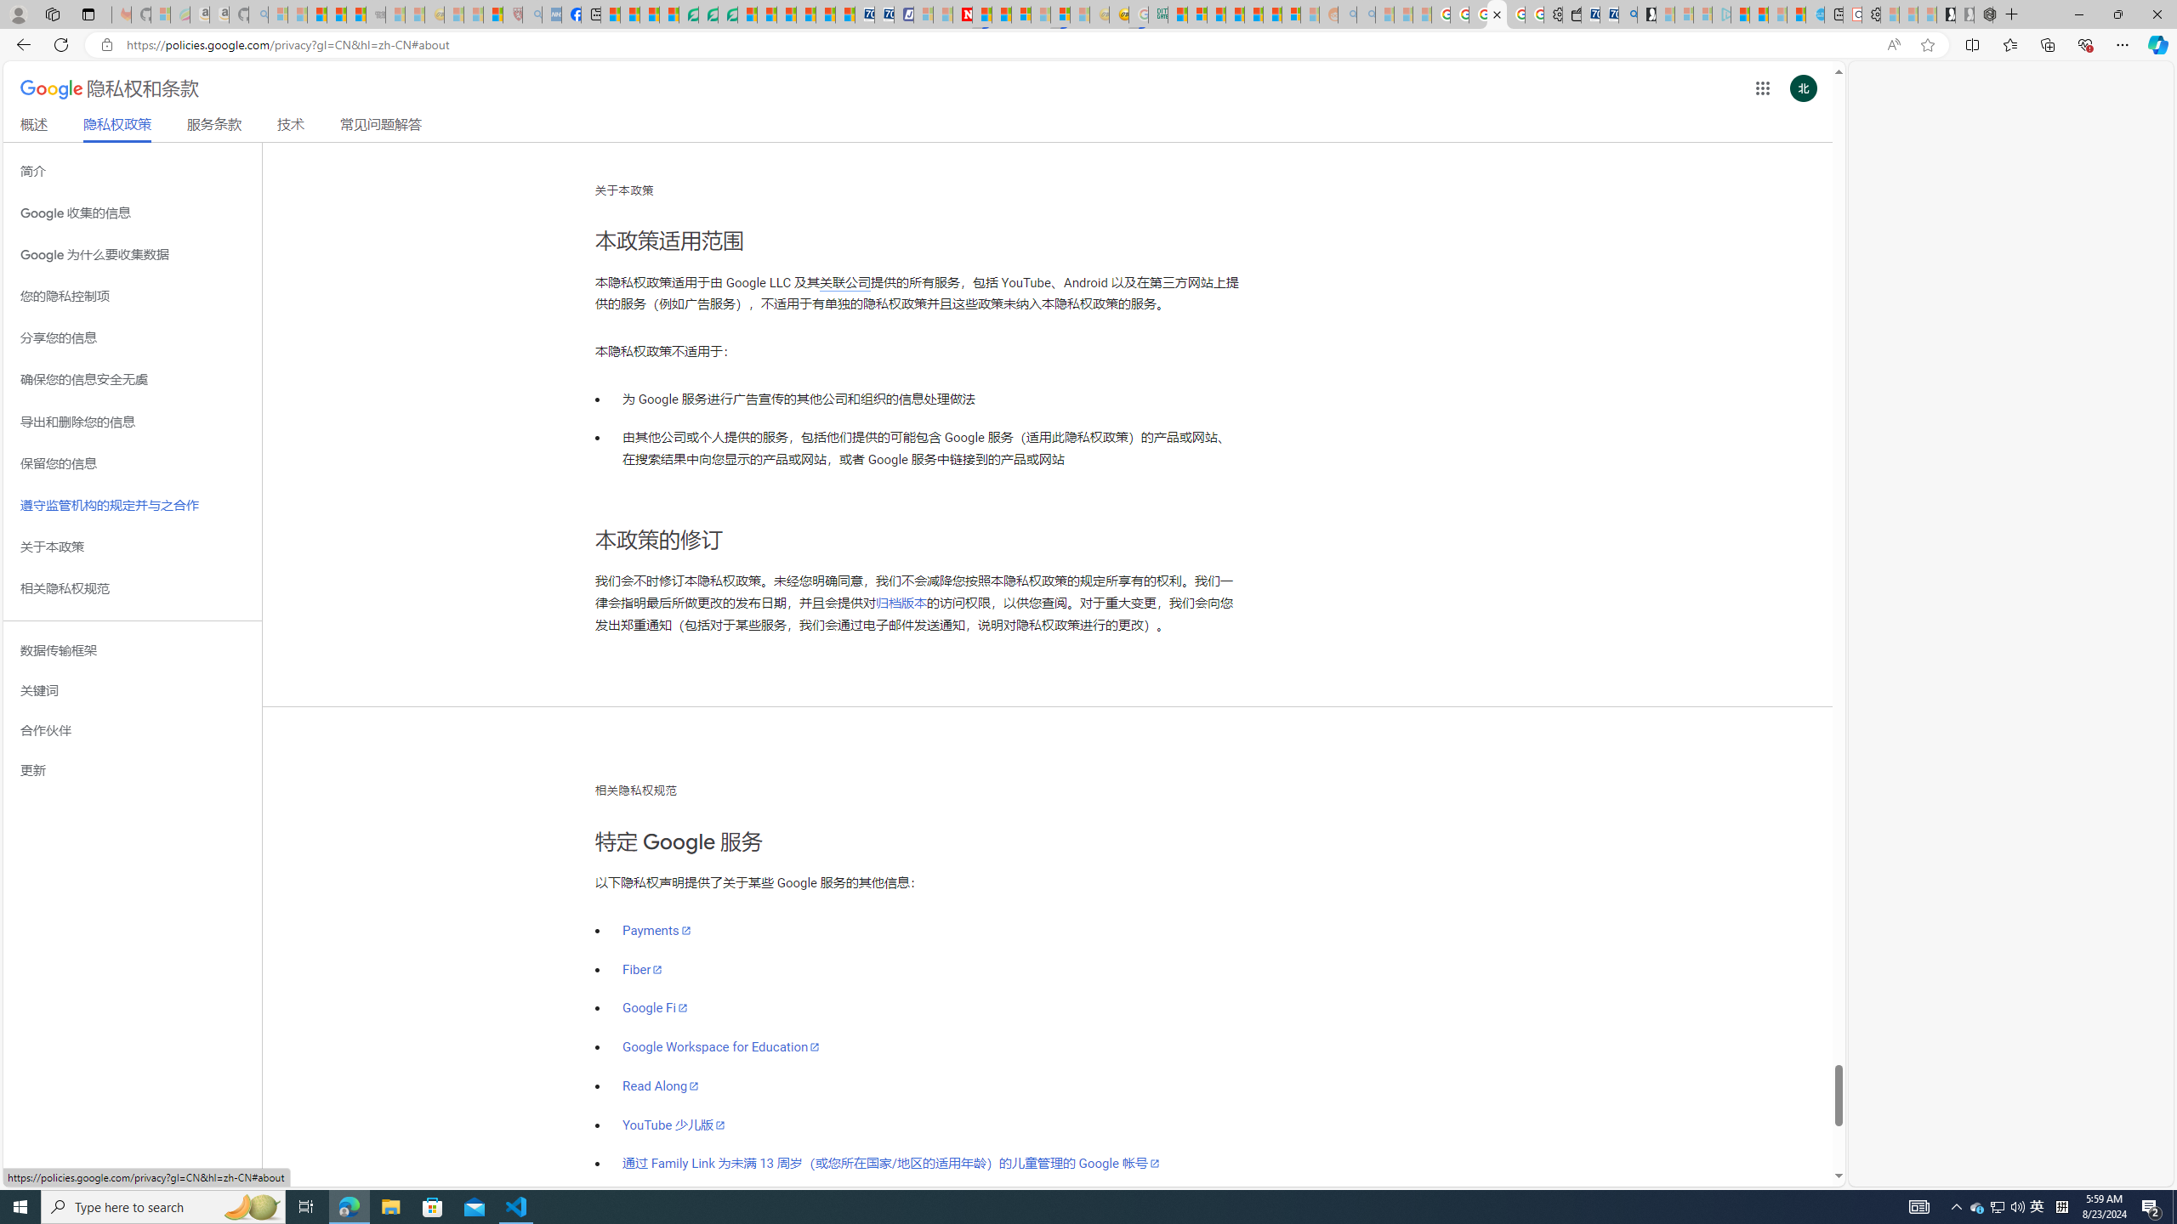 The height and width of the screenshot is (1224, 2177). What do you see at coordinates (961, 14) in the screenshot?
I see `'Latest Politics News & Archive | Newsweek.com'` at bounding box center [961, 14].